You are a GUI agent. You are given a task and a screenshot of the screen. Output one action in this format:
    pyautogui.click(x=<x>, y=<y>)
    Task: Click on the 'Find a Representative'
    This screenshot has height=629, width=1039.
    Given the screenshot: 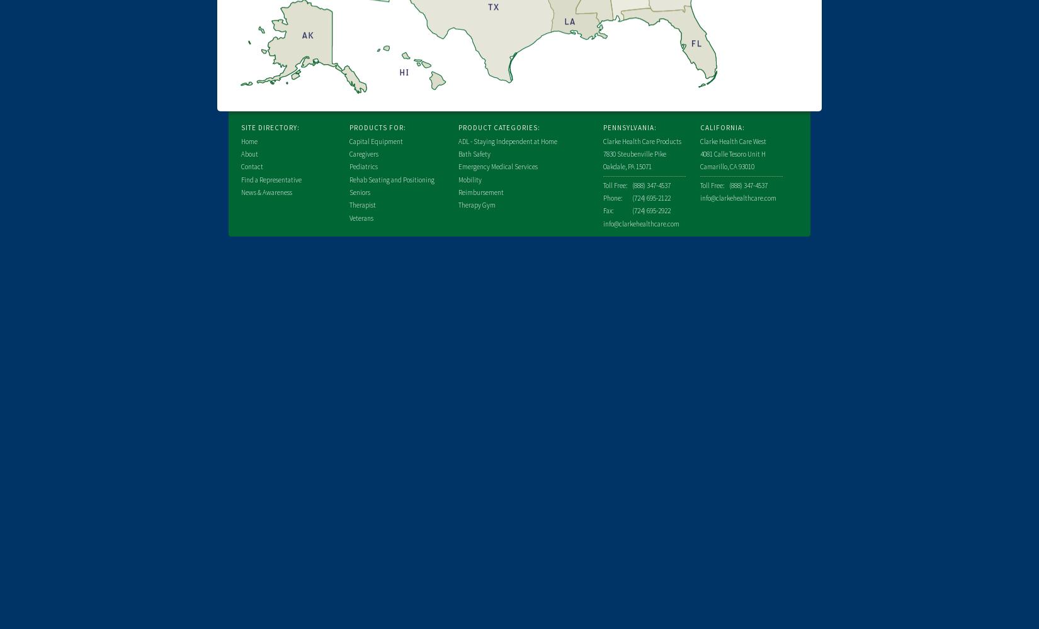 What is the action you would take?
    pyautogui.click(x=241, y=179)
    